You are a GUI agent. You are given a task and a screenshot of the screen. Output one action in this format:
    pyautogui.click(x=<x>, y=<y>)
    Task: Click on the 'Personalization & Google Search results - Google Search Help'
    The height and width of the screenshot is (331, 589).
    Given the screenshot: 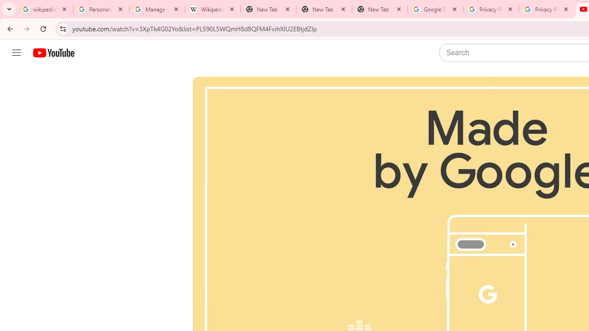 What is the action you would take?
    pyautogui.click(x=101, y=9)
    